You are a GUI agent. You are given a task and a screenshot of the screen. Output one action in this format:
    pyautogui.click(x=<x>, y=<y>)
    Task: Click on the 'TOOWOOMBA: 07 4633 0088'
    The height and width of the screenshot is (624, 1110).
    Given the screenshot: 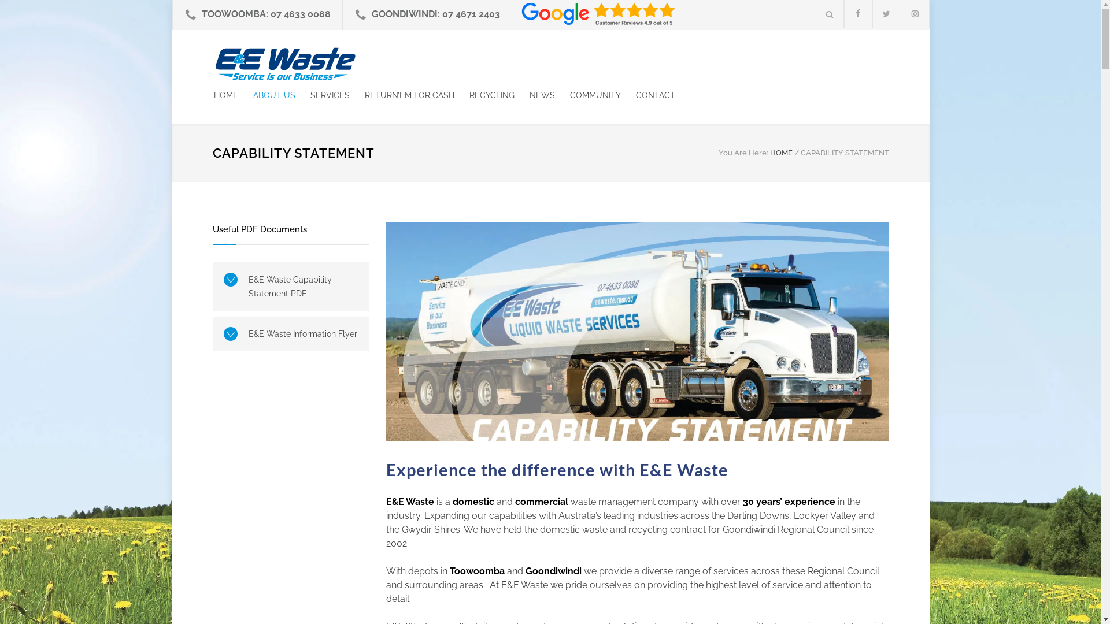 What is the action you would take?
    pyautogui.click(x=265, y=14)
    